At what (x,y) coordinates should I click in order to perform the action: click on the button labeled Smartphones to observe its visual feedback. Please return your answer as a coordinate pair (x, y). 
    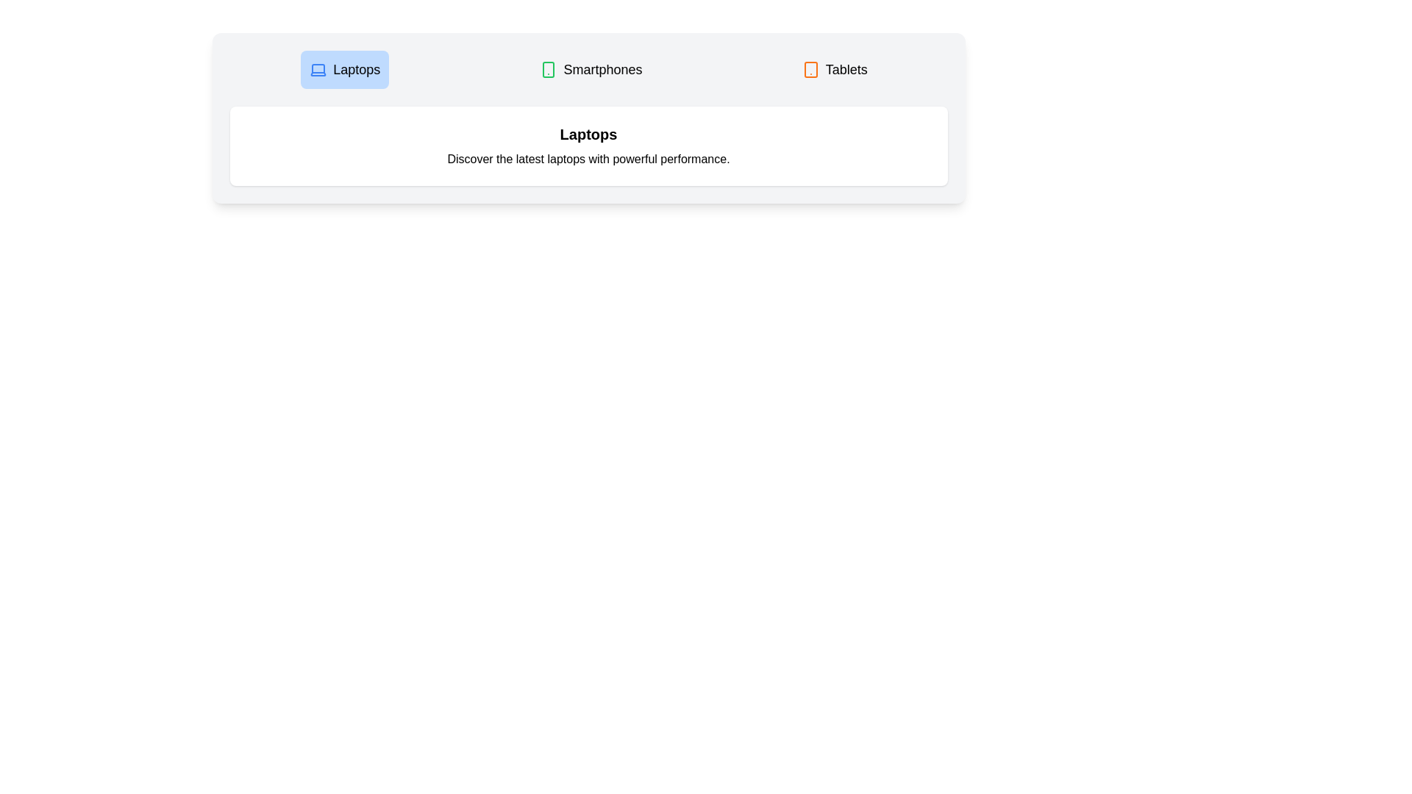
    Looking at the image, I should click on (591, 70).